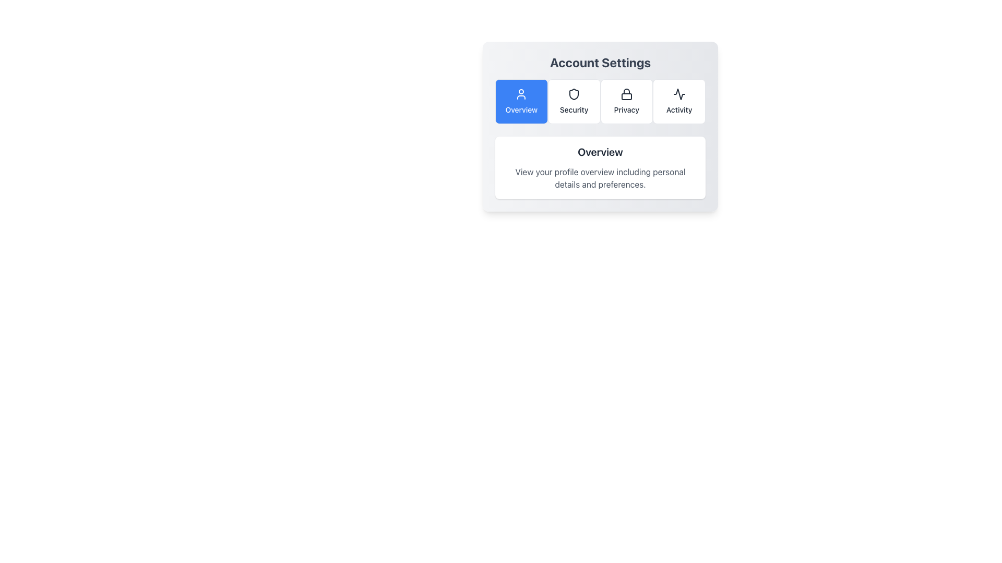 This screenshot has height=563, width=1002. Describe the element at coordinates (679, 110) in the screenshot. I see `the 'Activity' text label located below the 'Account Settings' heading` at that location.